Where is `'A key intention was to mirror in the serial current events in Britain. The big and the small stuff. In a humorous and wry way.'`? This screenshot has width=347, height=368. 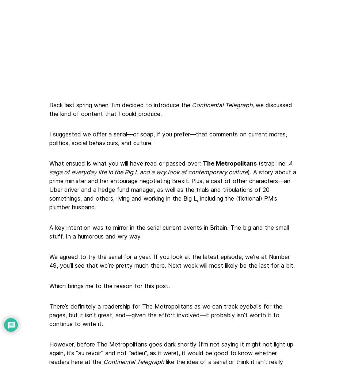
'A key intention was to mirror in the serial current events in Britain. The big and the small stuff. In a humorous and wry way.' is located at coordinates (169, 231).